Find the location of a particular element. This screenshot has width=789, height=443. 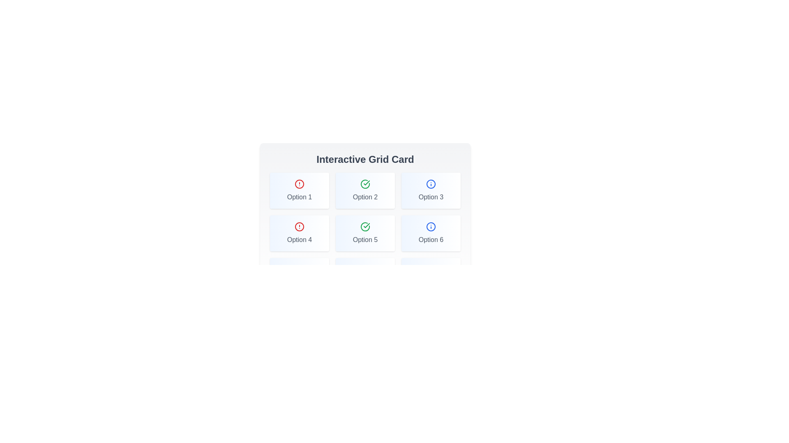

the text label displaying 'Option 1' in gray color located inside the first card of the grid, which has a subtle gradient background is located at coordinates (299, 197).